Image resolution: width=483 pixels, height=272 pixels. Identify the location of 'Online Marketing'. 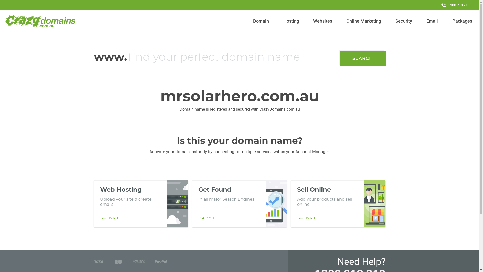
(364, 21).